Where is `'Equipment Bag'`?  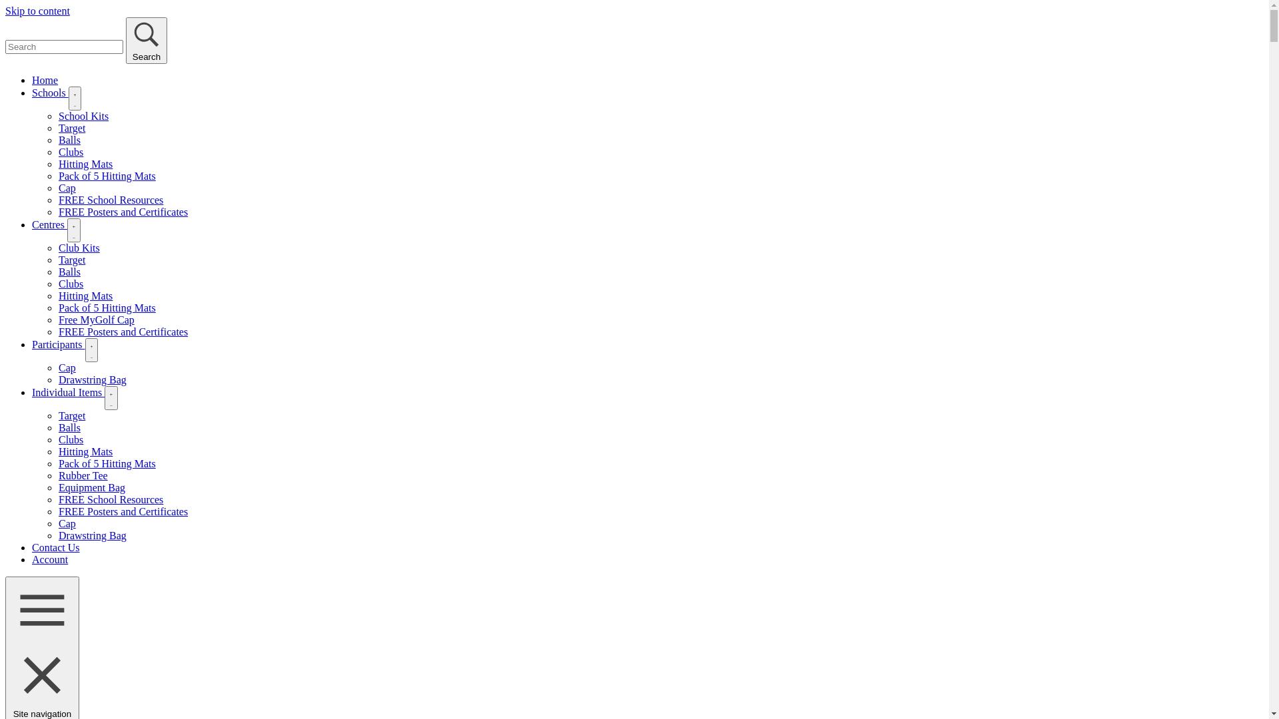 'Equipment Bag' is located at coordinates (91, 487).